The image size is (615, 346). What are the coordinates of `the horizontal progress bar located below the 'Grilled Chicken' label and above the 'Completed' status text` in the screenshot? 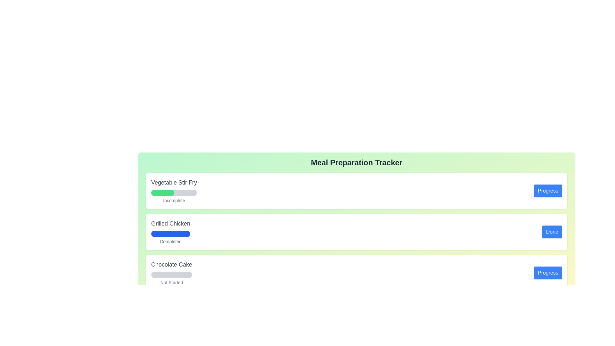 It's located at (170, 234).